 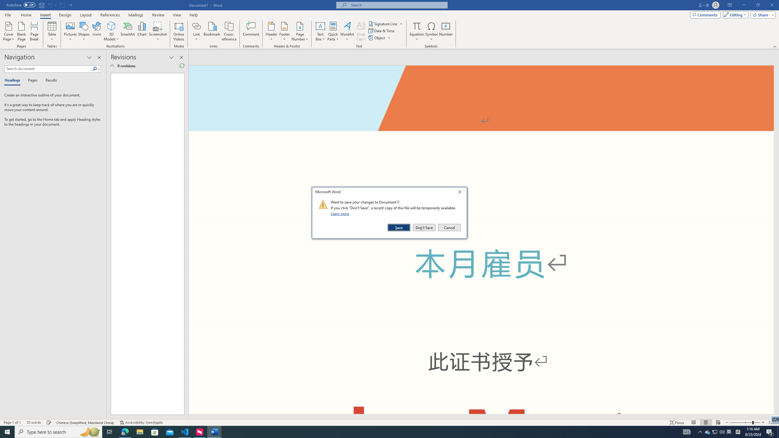 I want to click on 'Can', so click(x=52, y=5).